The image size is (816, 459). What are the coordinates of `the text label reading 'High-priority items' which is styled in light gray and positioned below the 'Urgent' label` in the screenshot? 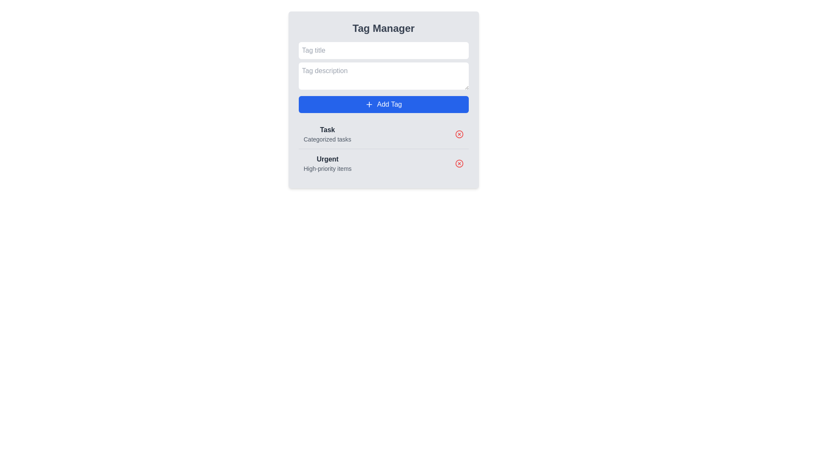 It's located at (327, 169).